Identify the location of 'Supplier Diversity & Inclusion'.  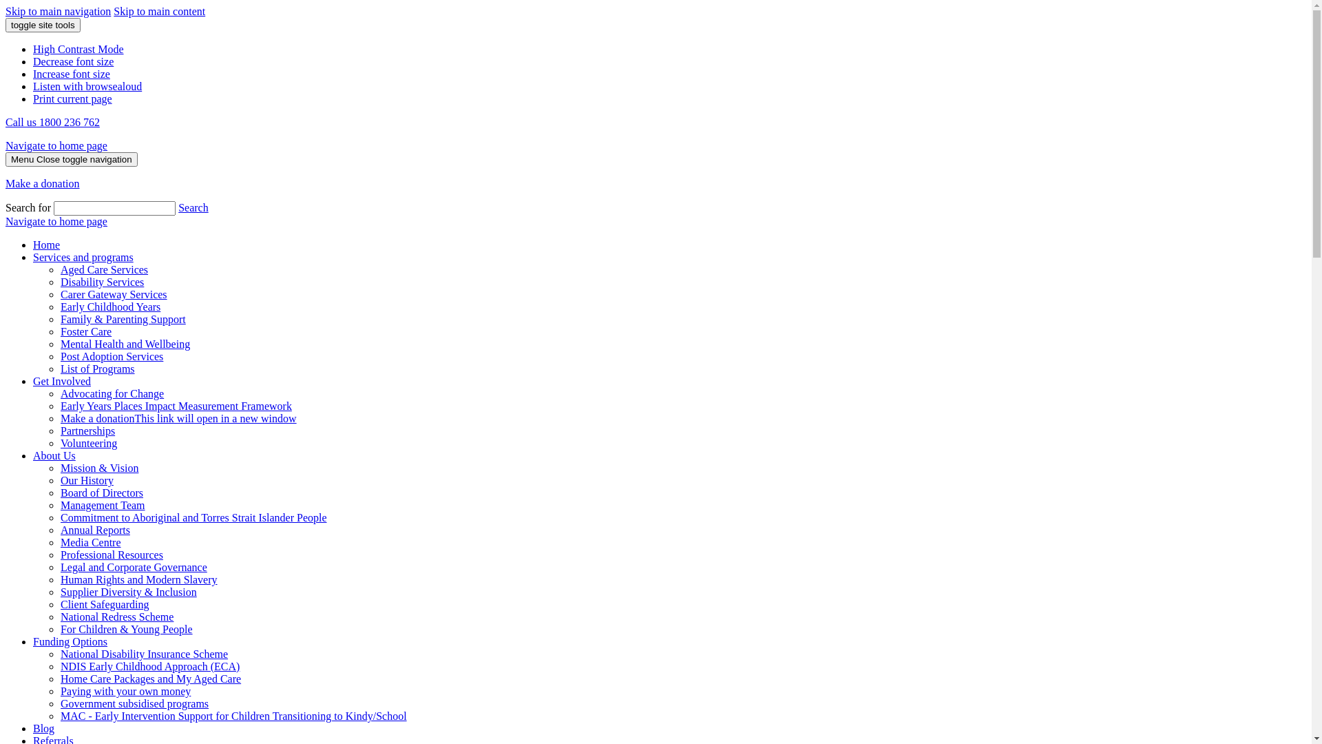
(129, 591).